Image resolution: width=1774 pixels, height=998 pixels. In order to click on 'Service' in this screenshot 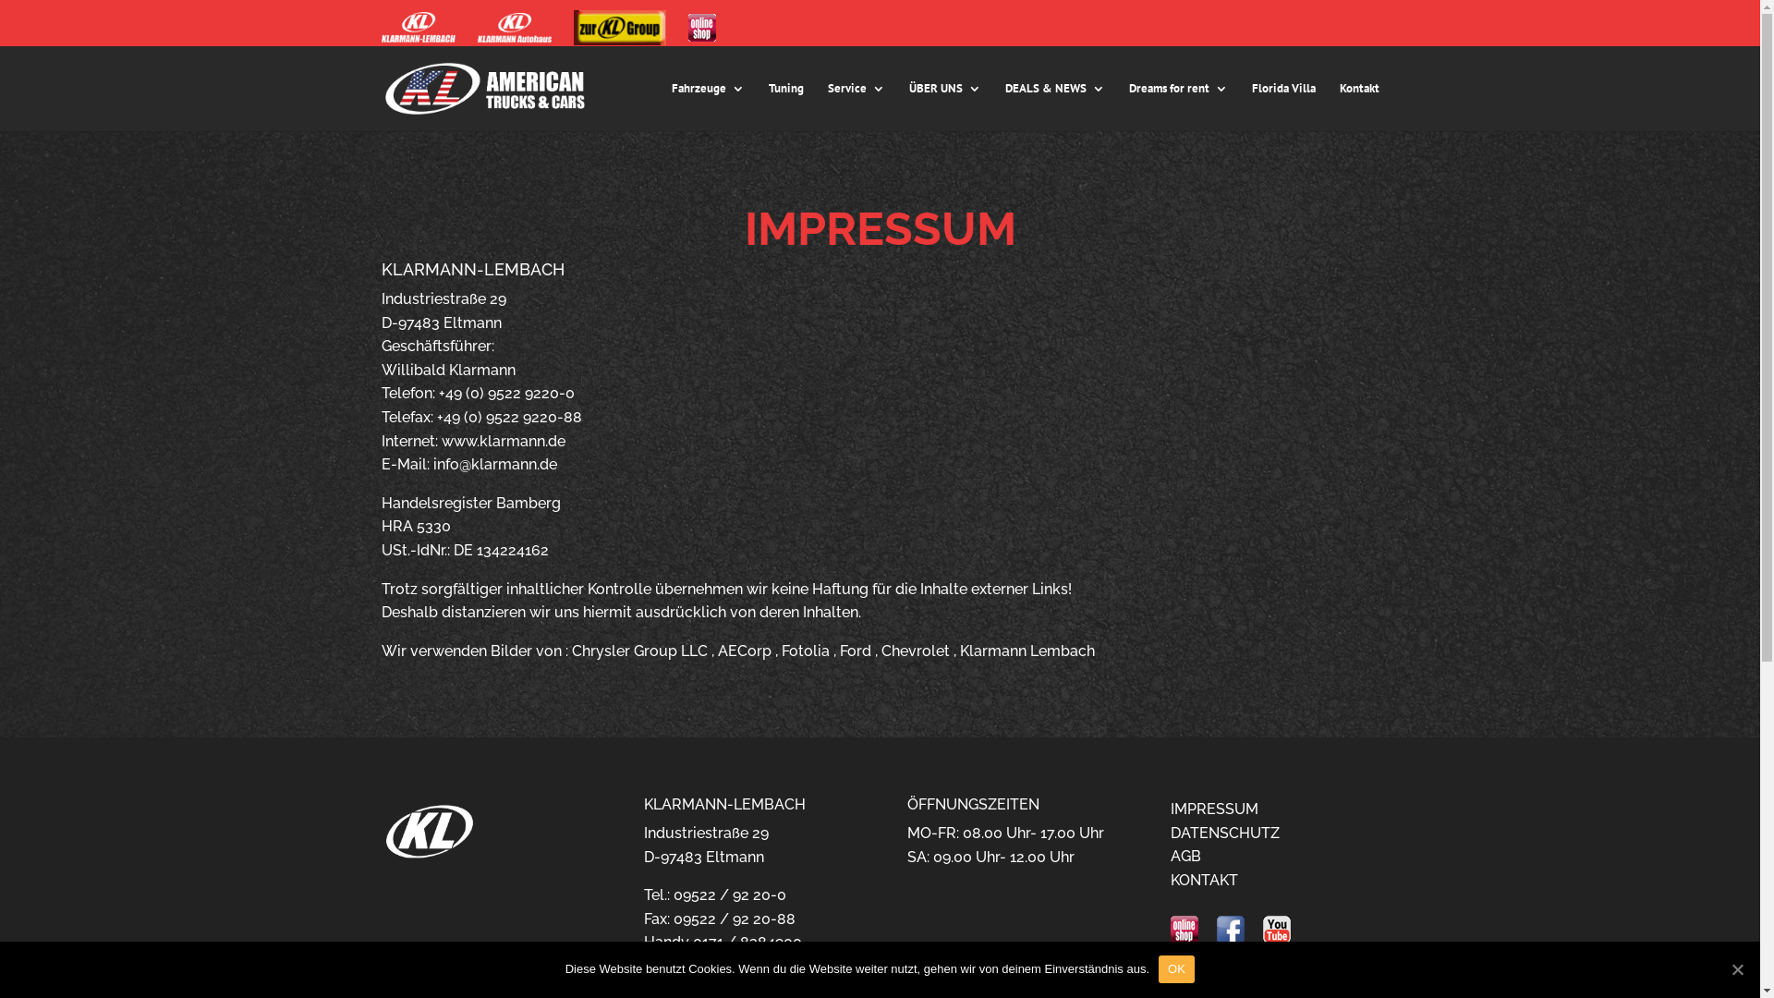, I will do `click(827, 106)`.